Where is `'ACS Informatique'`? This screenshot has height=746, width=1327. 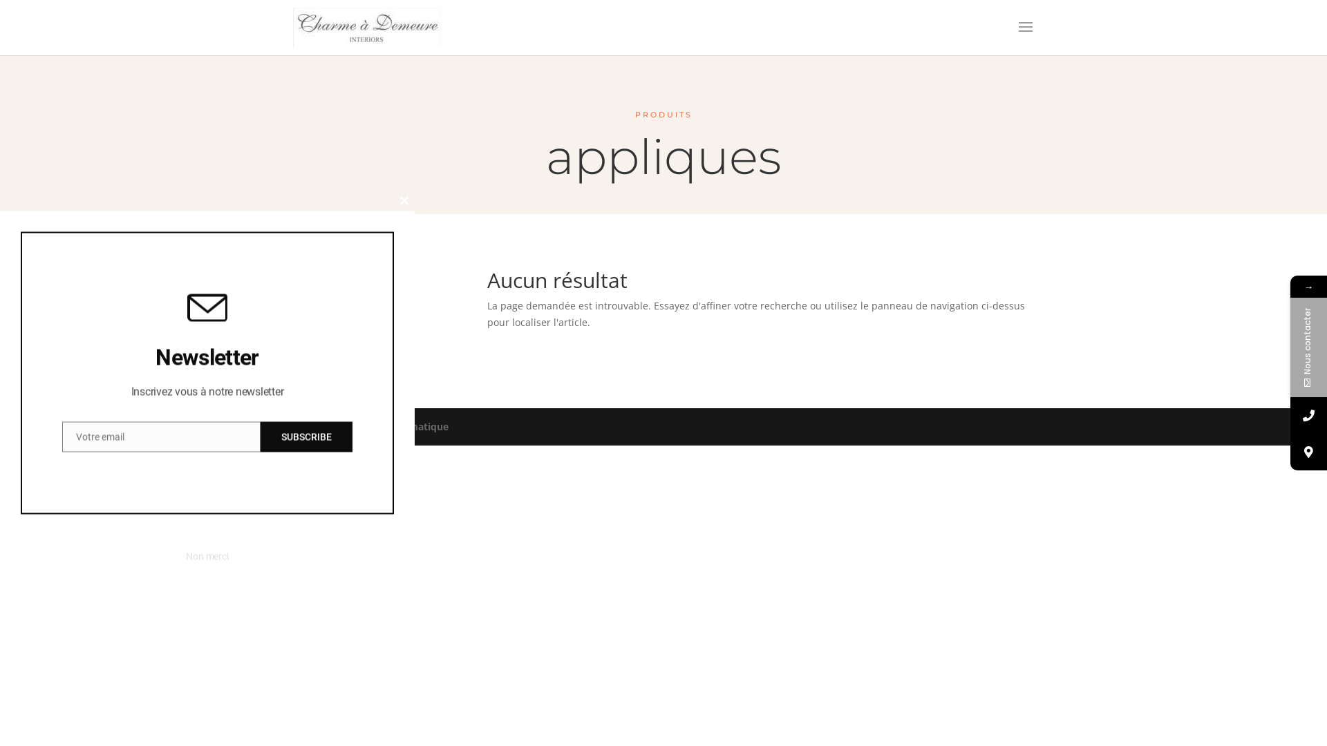 'ACS Informatique' is located at coordinates (405, 425).